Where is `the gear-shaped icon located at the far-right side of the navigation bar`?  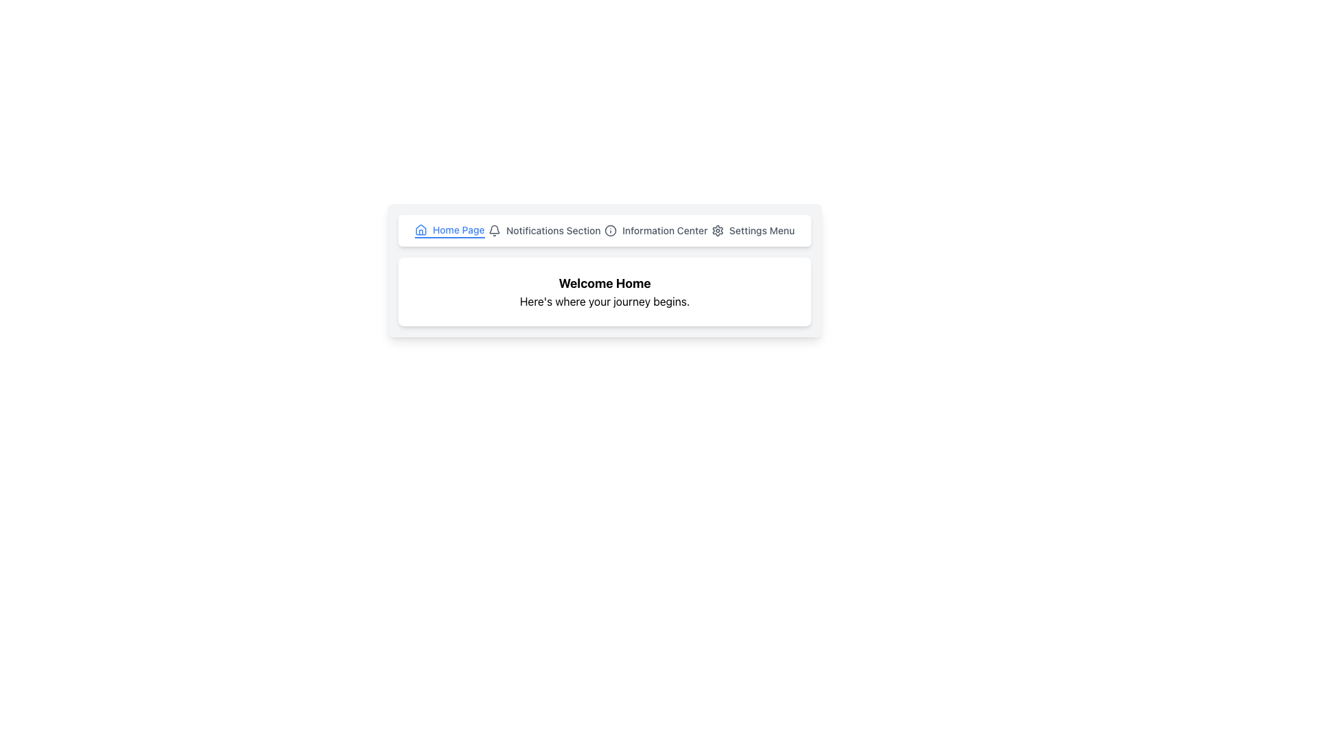 the gear-shaped icon located at the far-right side of the navigation bar is located at coordinates (717, 229).